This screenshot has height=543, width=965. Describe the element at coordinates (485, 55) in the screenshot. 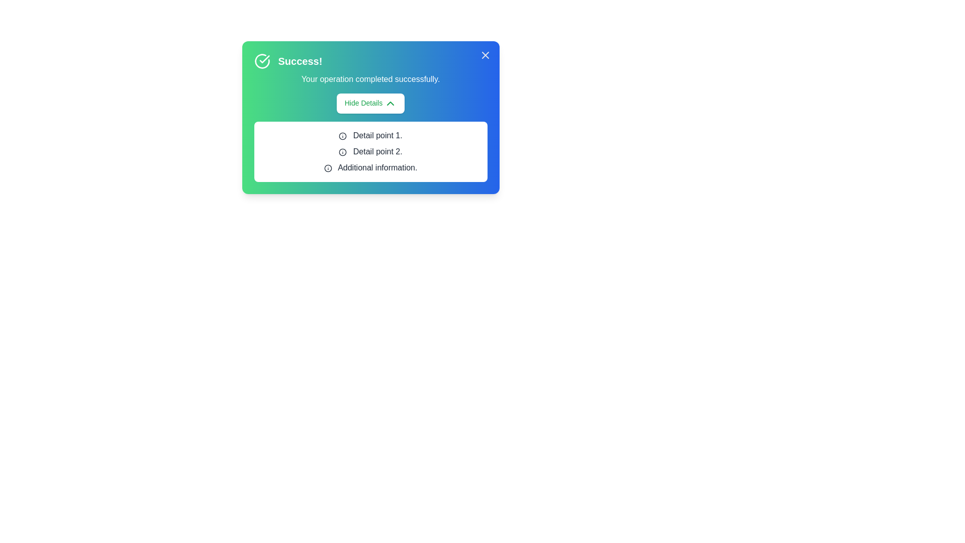

I see `the close button in the top-right corner of the alert` at that location.